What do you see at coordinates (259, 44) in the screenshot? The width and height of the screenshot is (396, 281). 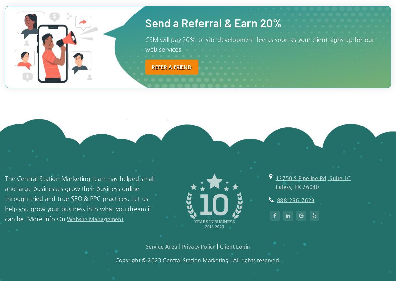 I see `'CSM will pay 20% of site development fee as soon as your client signs up for our web services.'` at bounding box center [259, 44].